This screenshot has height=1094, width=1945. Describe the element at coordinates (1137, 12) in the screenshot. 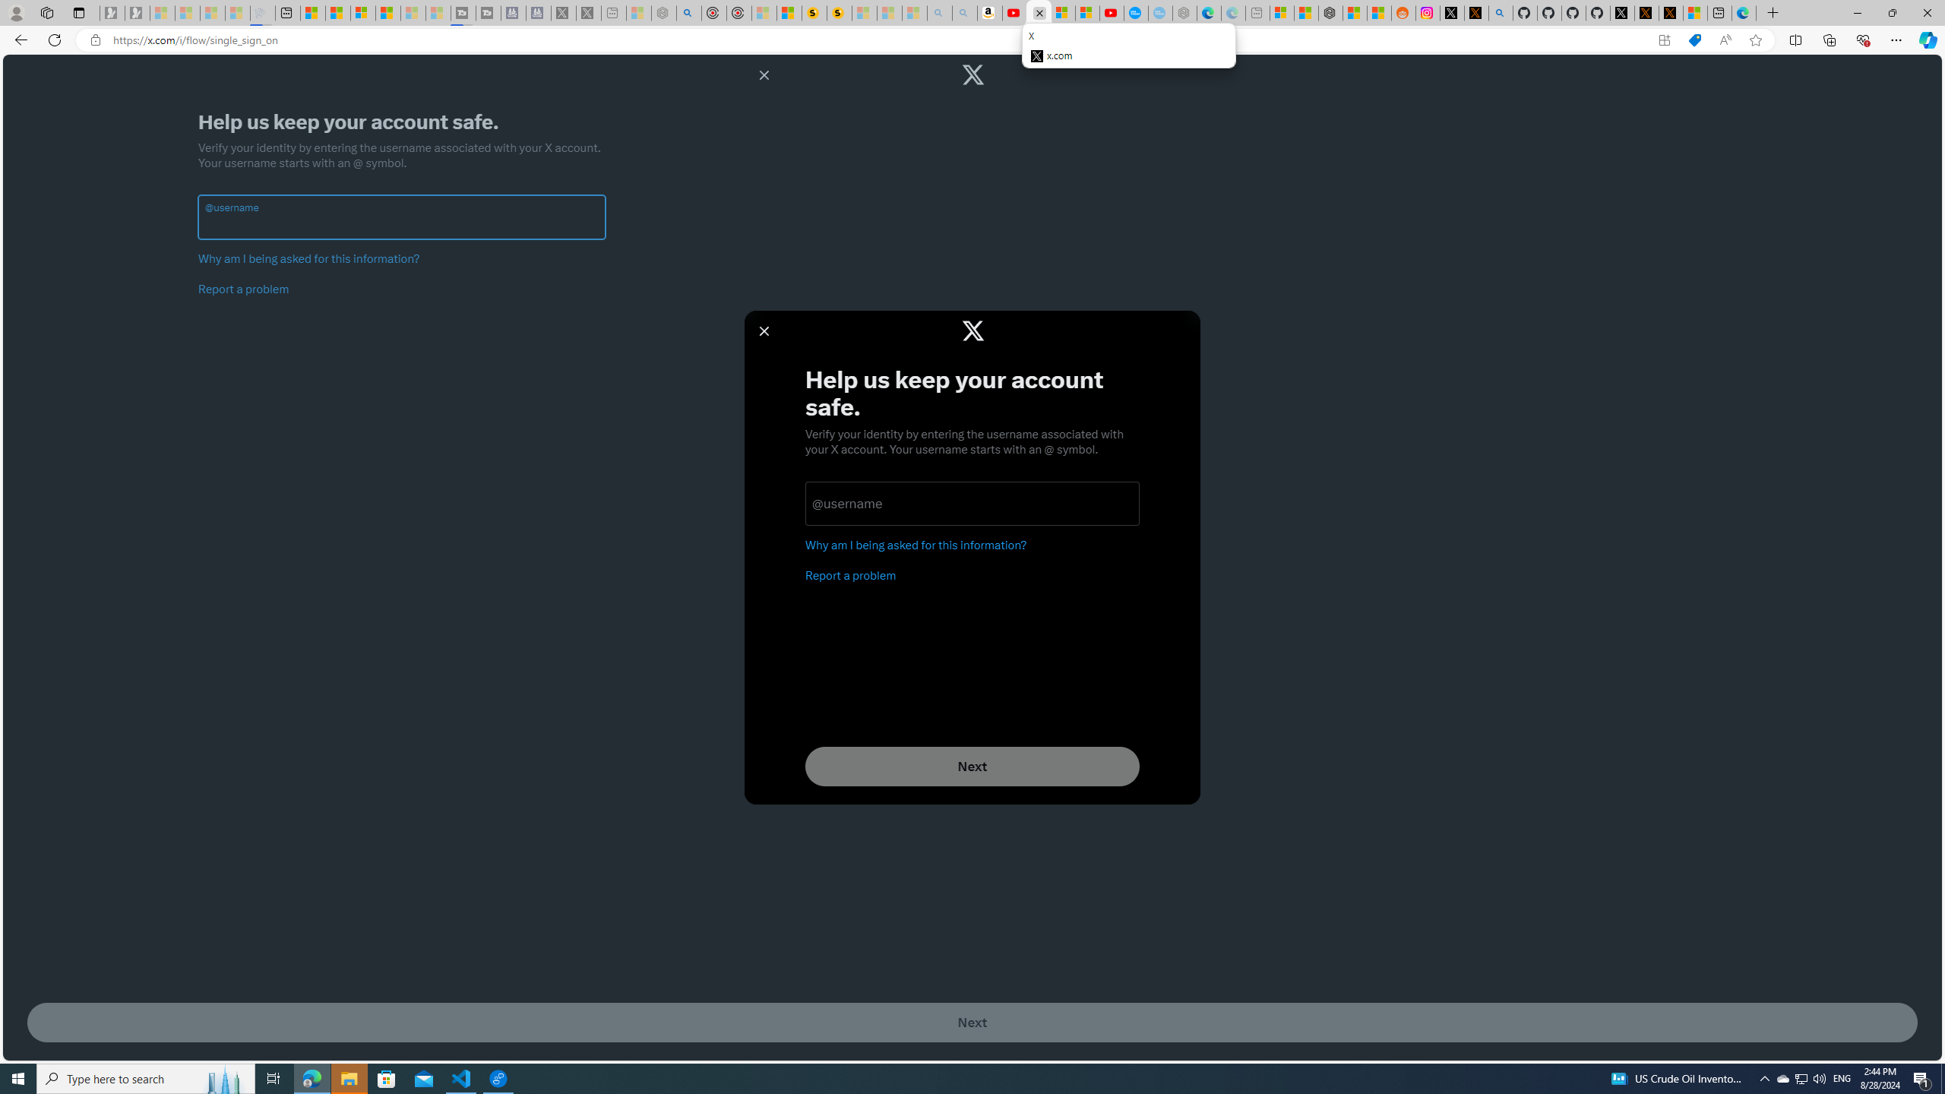

I see `'Opinion: Op-Ed and Commentary - USA TODAY'` at that location.